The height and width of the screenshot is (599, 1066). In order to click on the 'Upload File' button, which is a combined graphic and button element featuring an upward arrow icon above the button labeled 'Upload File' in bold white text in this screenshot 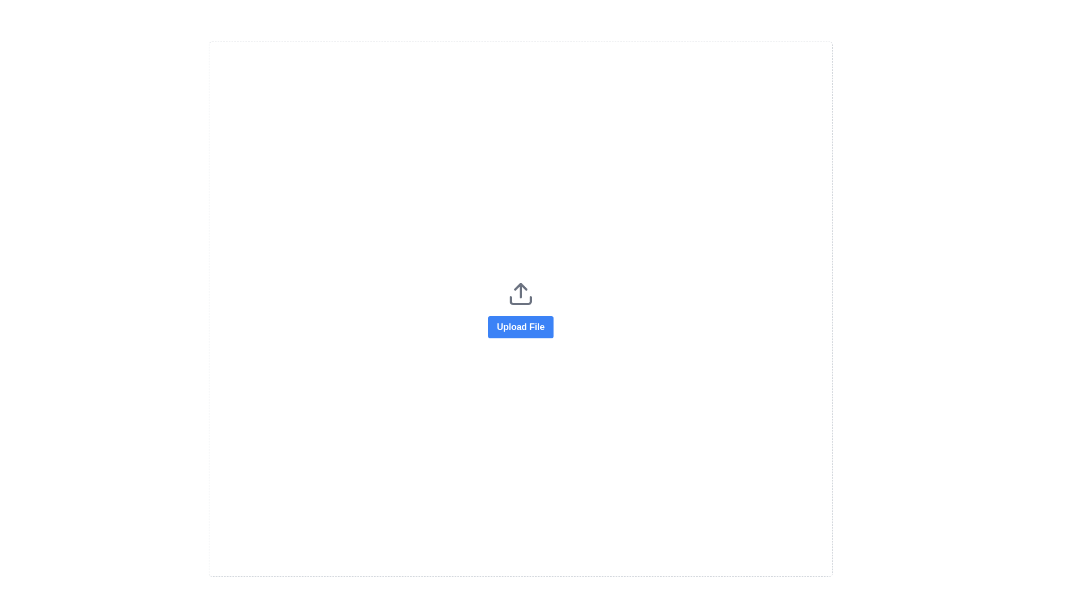, I will do `click(520, 309)`.